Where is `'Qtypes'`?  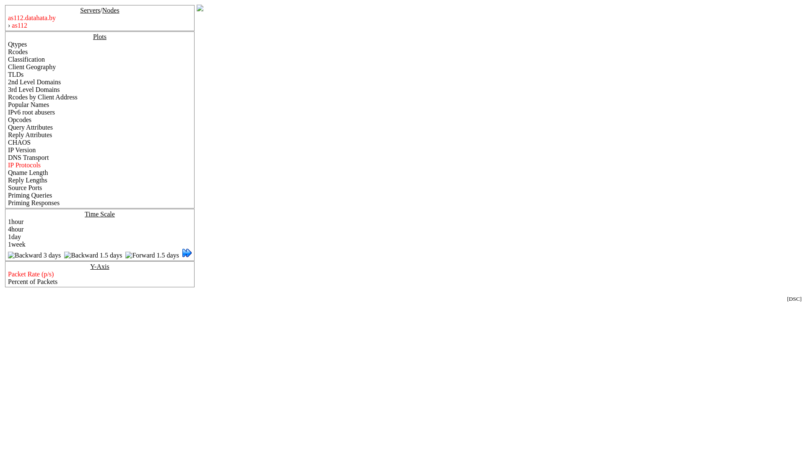
'Qtypes' is located at coordinates (17, 44).